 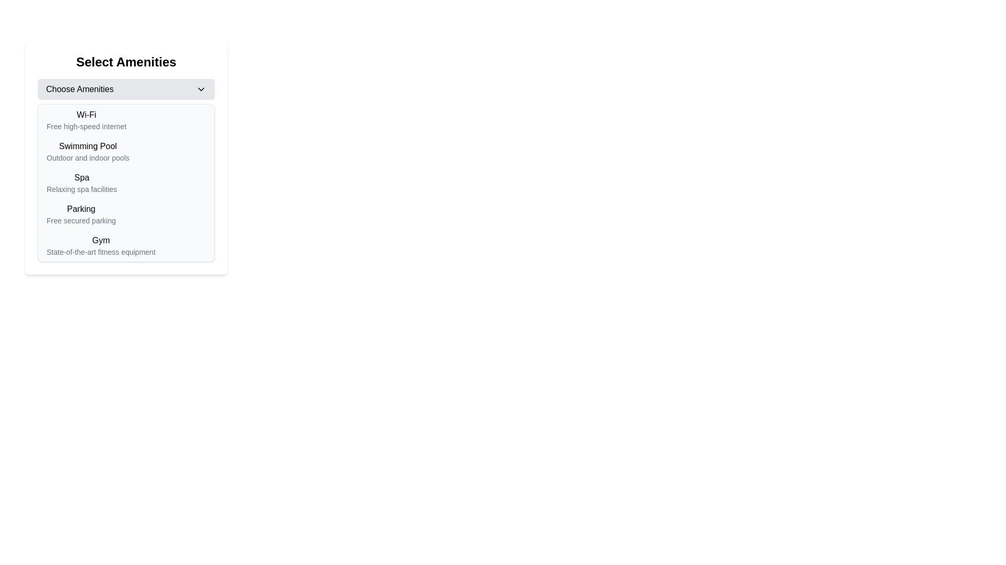 What do you see at coordinates (126, 213) in the screenshot?
I see `the list item displaying 'Parking' with the secondary description 'Free secured parking'` at bounding box center [126, 213].